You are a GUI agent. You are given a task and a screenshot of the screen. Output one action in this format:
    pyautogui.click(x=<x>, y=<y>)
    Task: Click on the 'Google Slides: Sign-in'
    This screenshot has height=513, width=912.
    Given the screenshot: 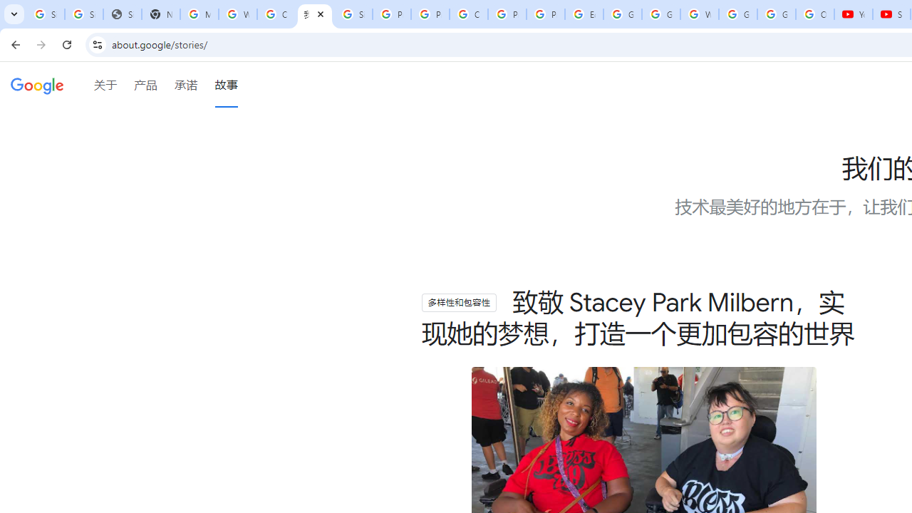 What is the action you would take?
    pyautogui.click(x=623, y=14)
    